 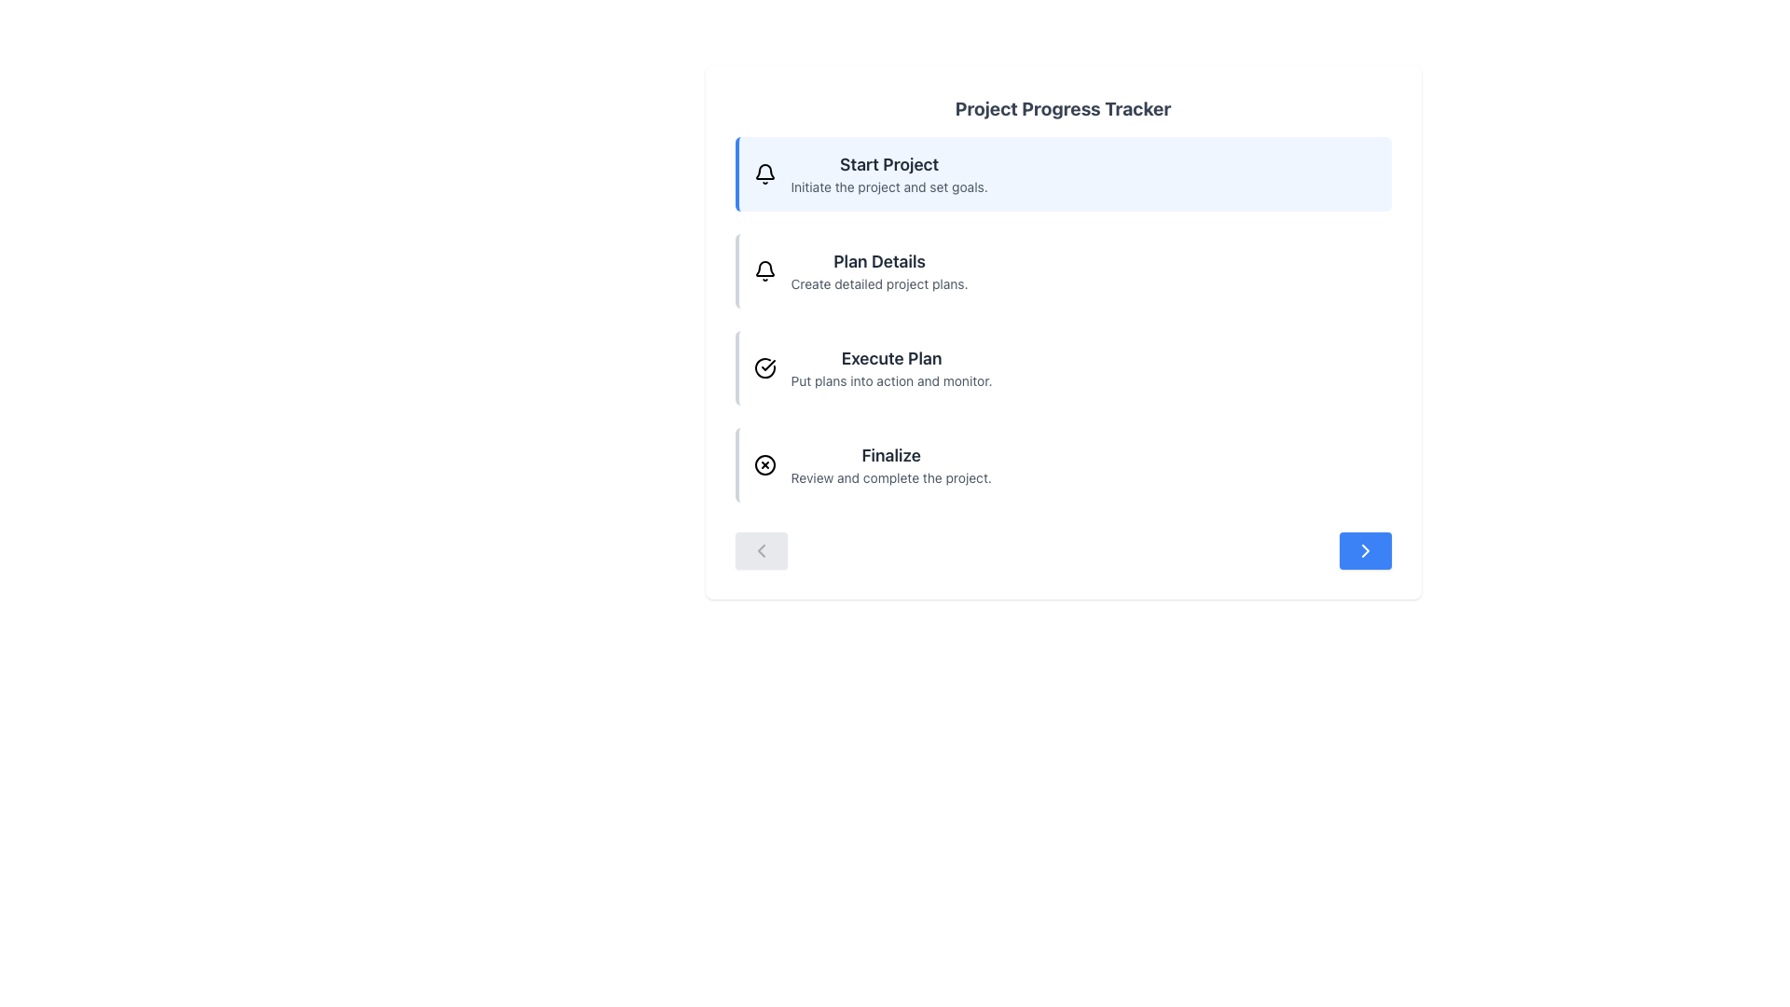 I want to click on the static text providing guidance related to the 'Finalize' step in the sequence, positioned directly below the 'Finalize' header, so click(x=890, y=477).